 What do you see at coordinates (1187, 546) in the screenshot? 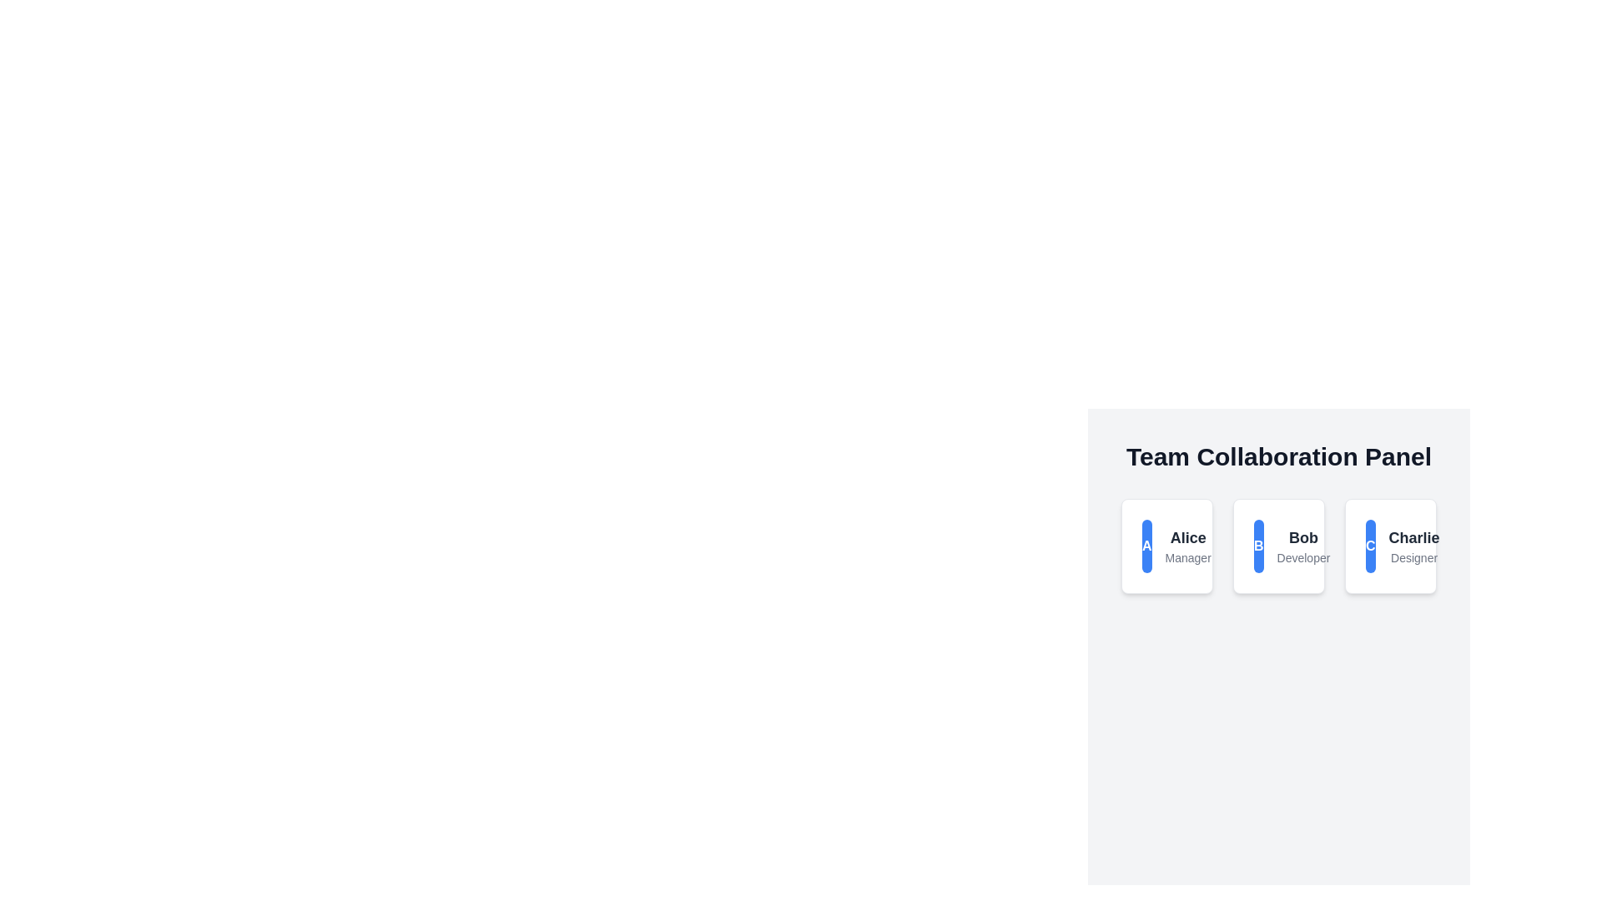
I see `the text label displaying 'Alice' in bold, indicating a user card in the Team Collaboration Panel` at bounding box center [1187, 546].